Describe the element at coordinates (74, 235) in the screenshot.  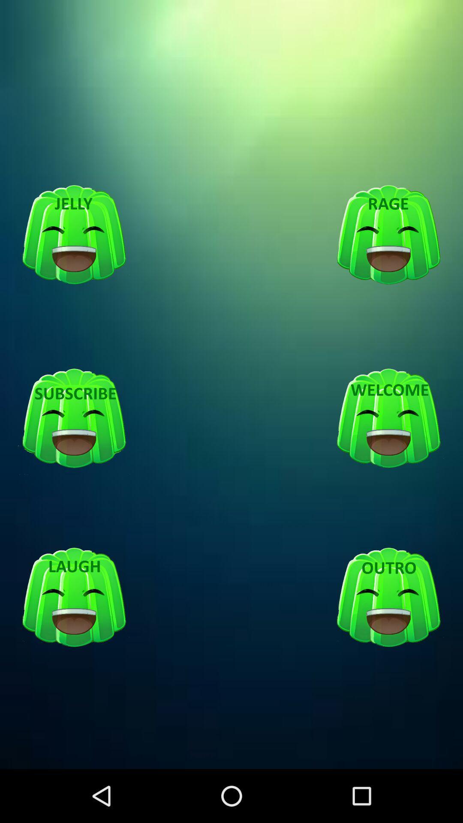
I see `the item at the top left corner` at that location.